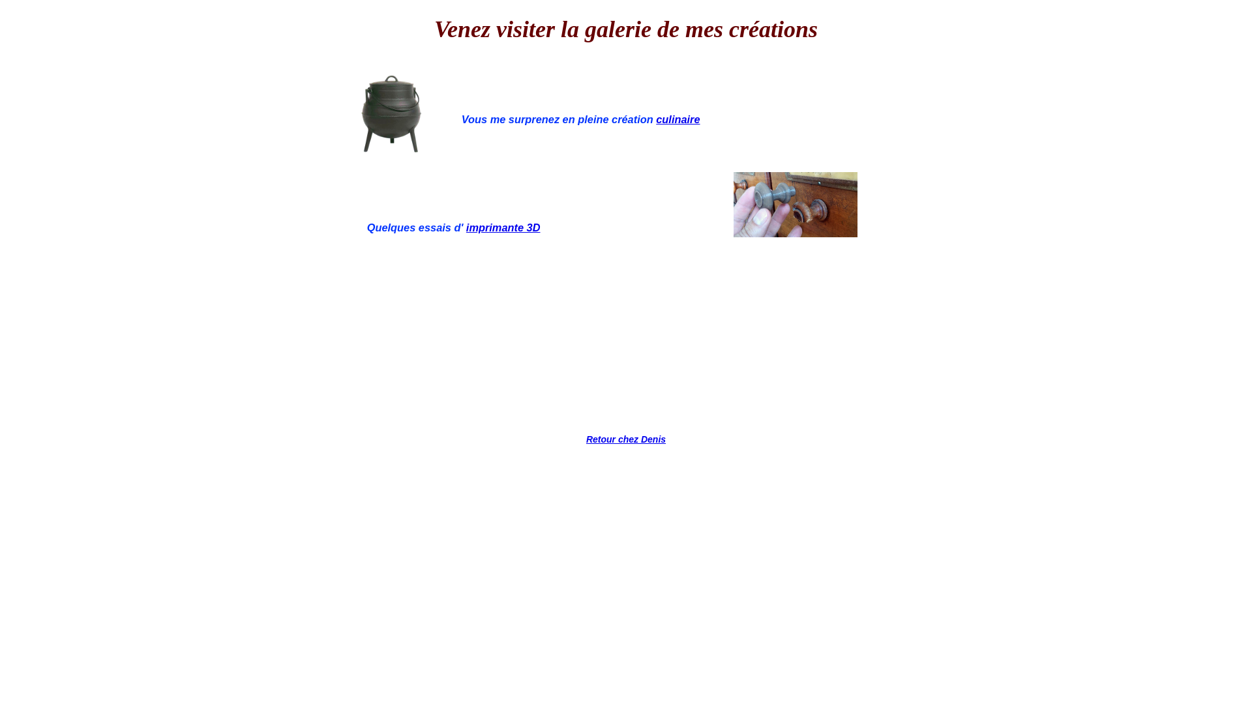  What do you see at coordinates (678, 119) in the screenshot?
I see `'culinaire'` at bounding box center [678, 119].